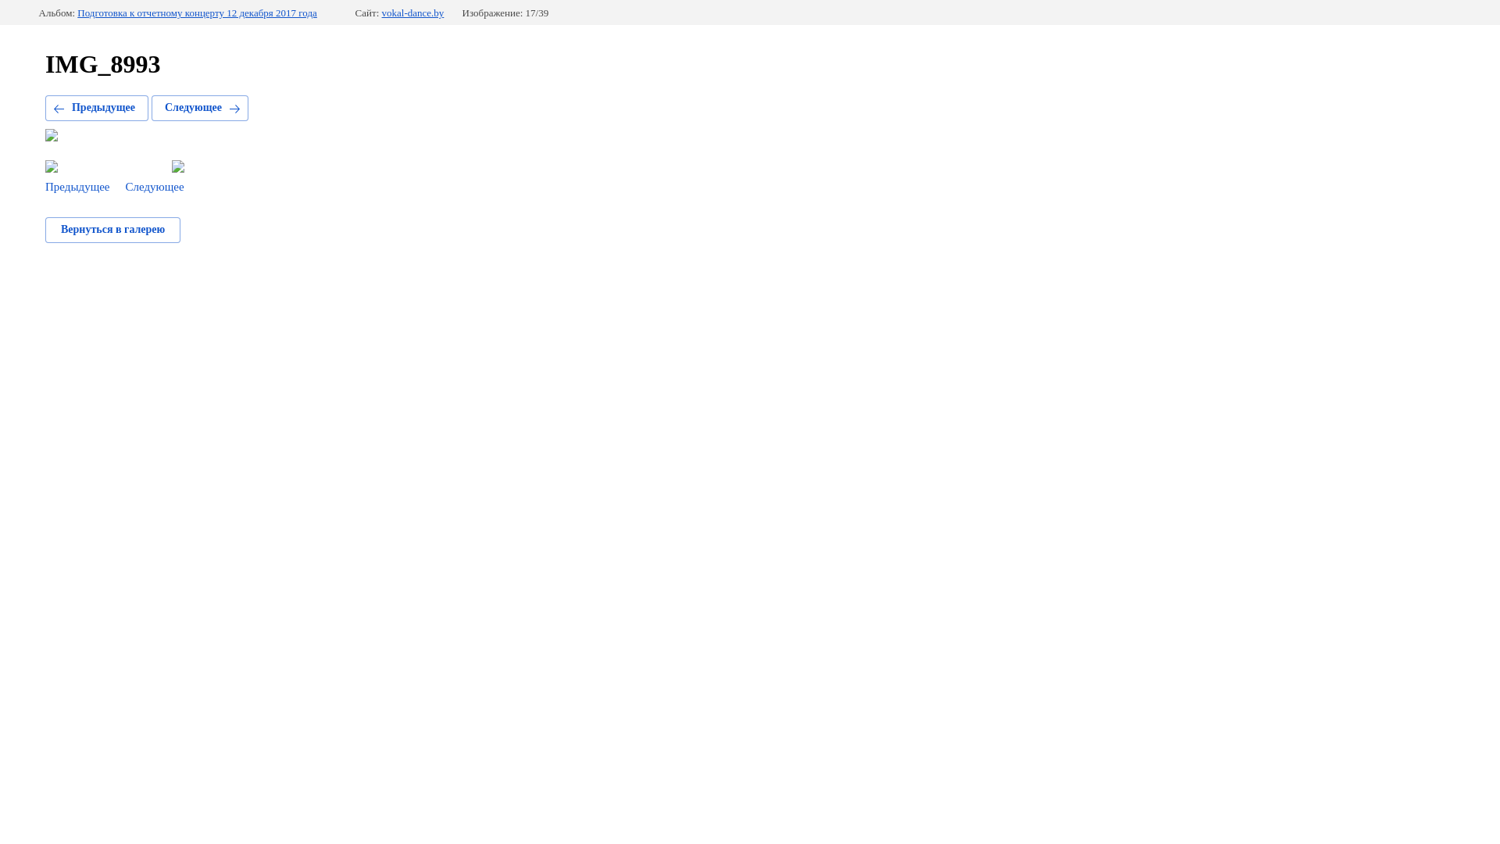 The width and height of the screenshot is (1500, 844). Describe the element at coordinates (382, 13) in the screenshot. I see `'vokal-dance.by'` at that location.